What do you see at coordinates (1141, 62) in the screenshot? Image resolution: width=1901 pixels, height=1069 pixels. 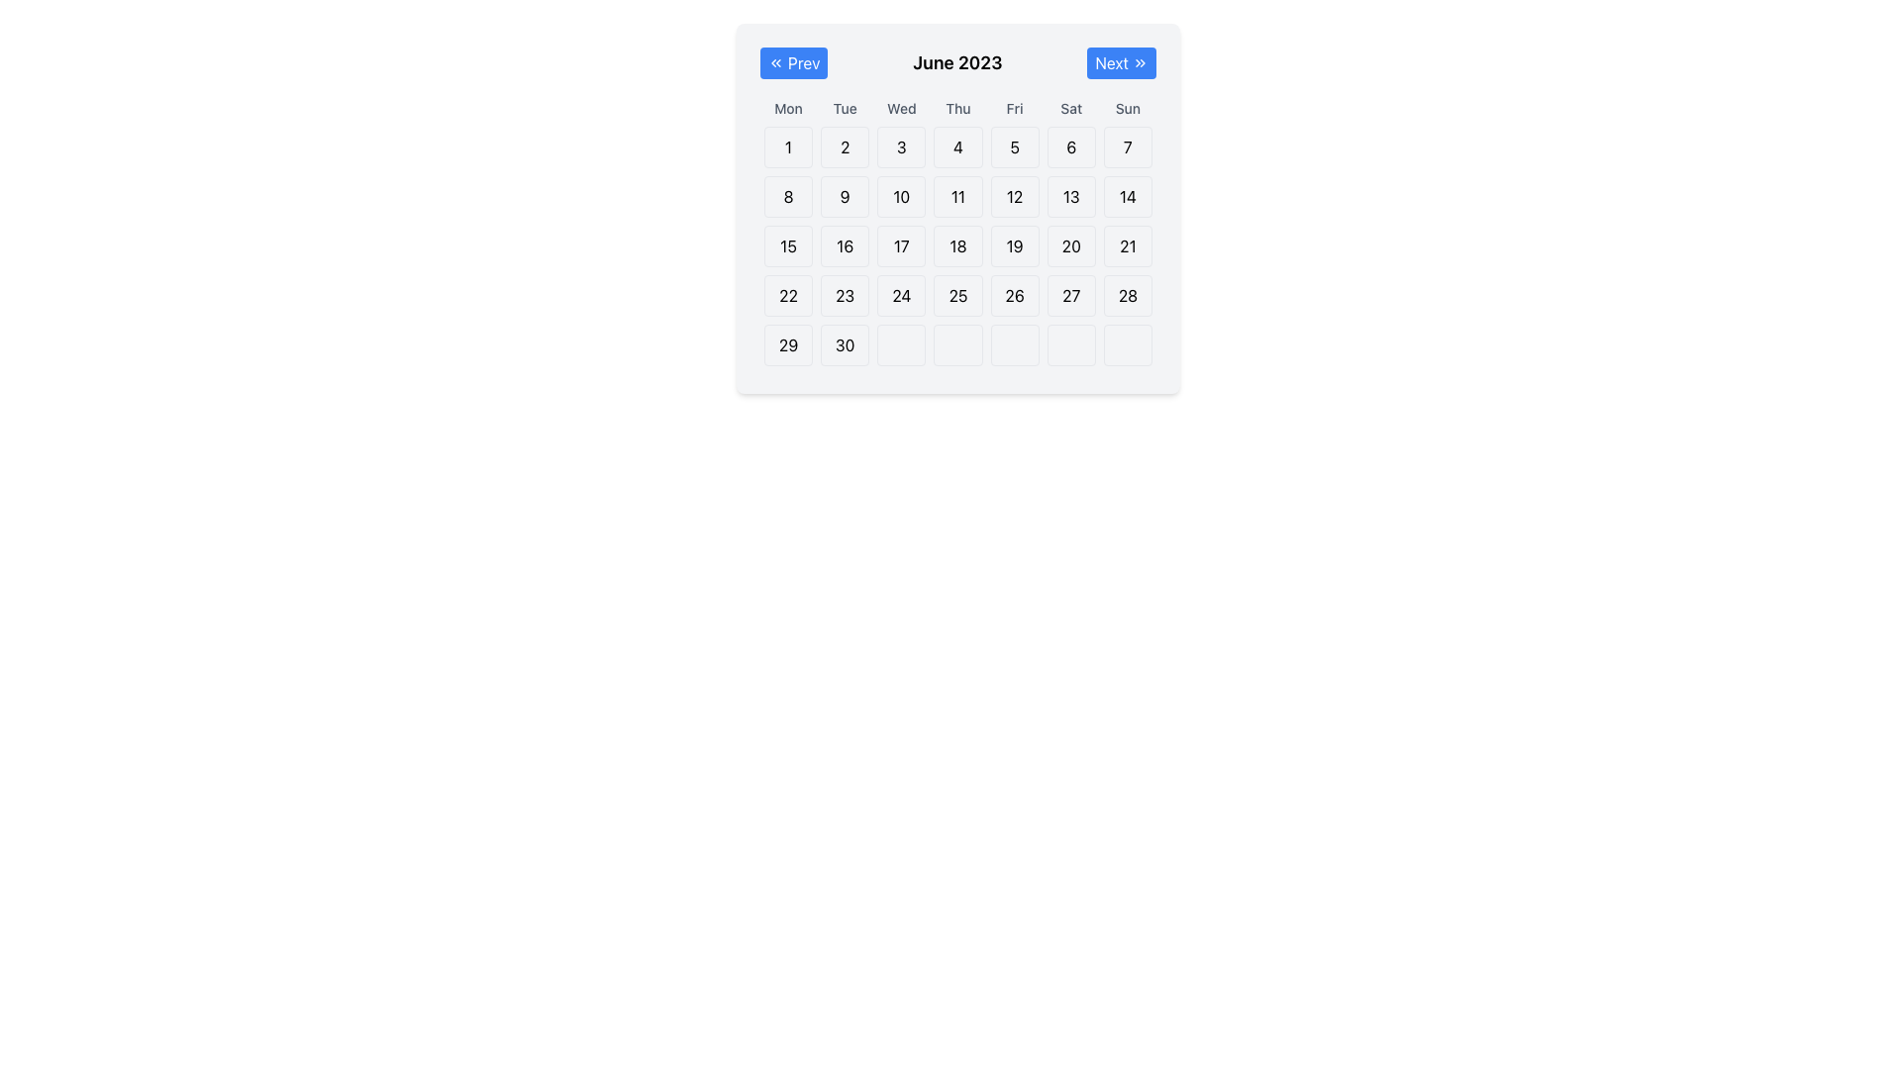 I see `the 'Next' icon element located at the right end of the 'Next' button in the calendar interface for accessibility purposes` at bounding box center [1141, 62].